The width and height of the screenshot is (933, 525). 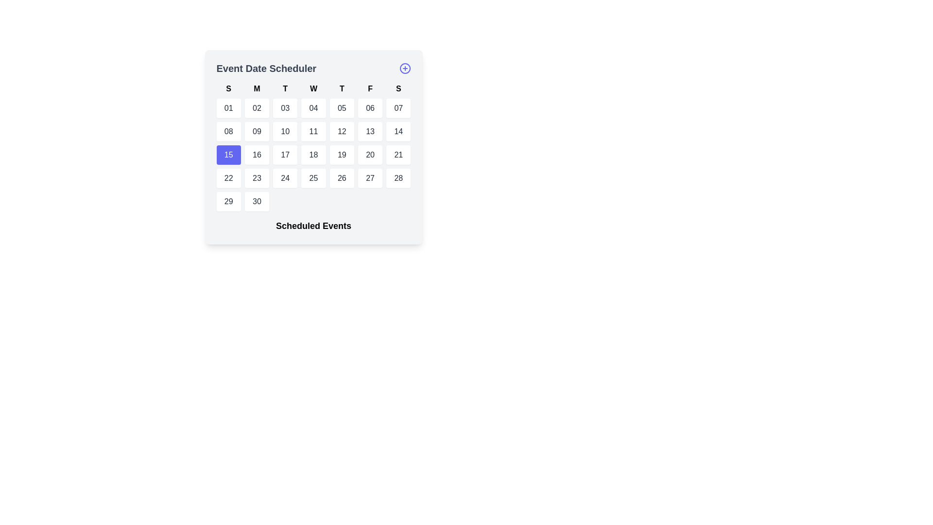 What do you see at coordinates (313, 131) in the screenshot?
I see `the button representing the date '11' in the monthly calendar` at bounding box center [313, 131].